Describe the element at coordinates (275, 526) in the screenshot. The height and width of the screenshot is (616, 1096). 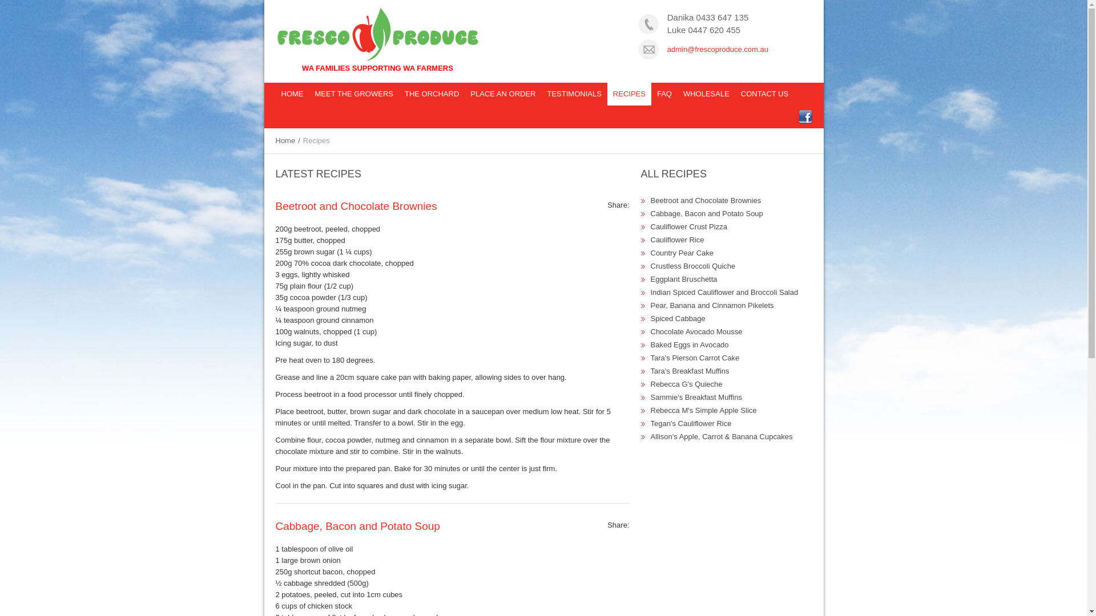
I see `'Cabbage, Bacon and Potato Soup'` at that location.